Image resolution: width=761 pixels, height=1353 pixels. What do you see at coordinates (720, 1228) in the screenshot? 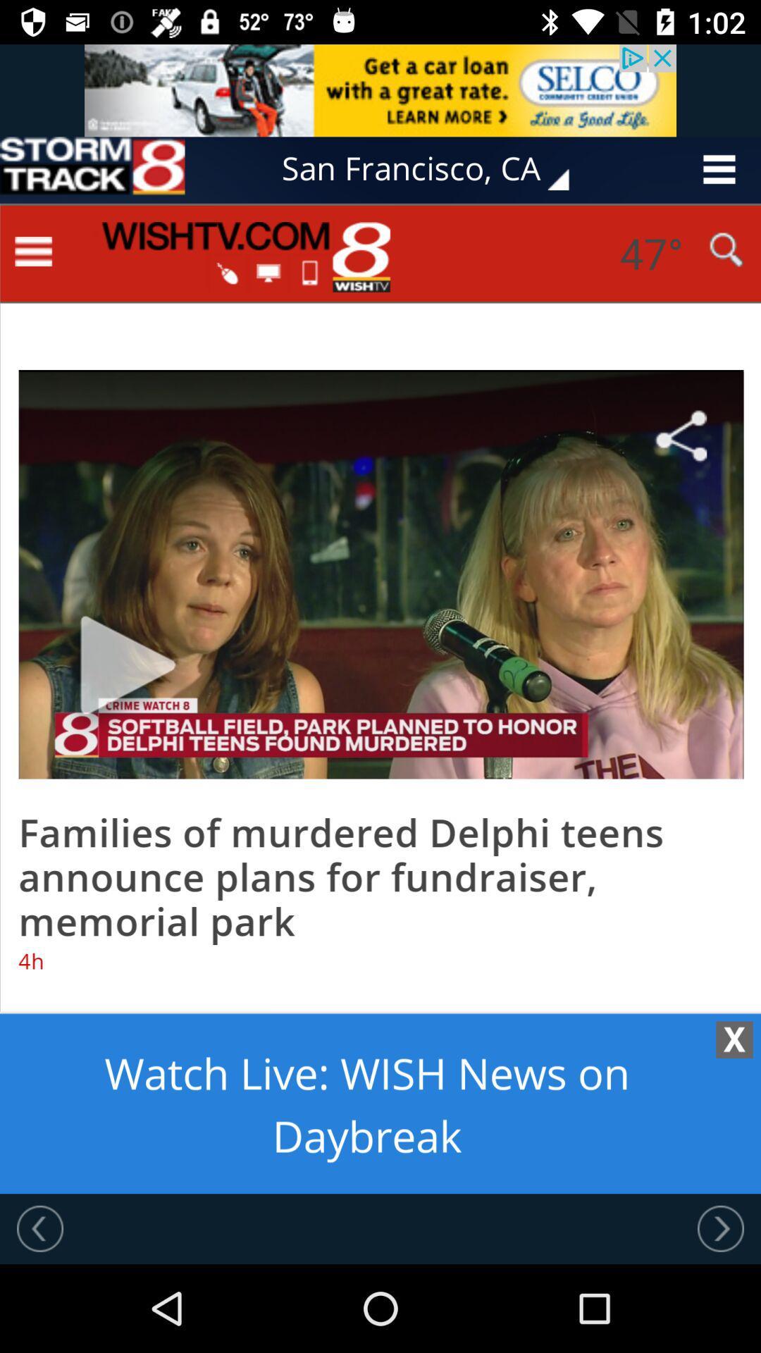
I see `next option` at bounding box center [720, 1228].